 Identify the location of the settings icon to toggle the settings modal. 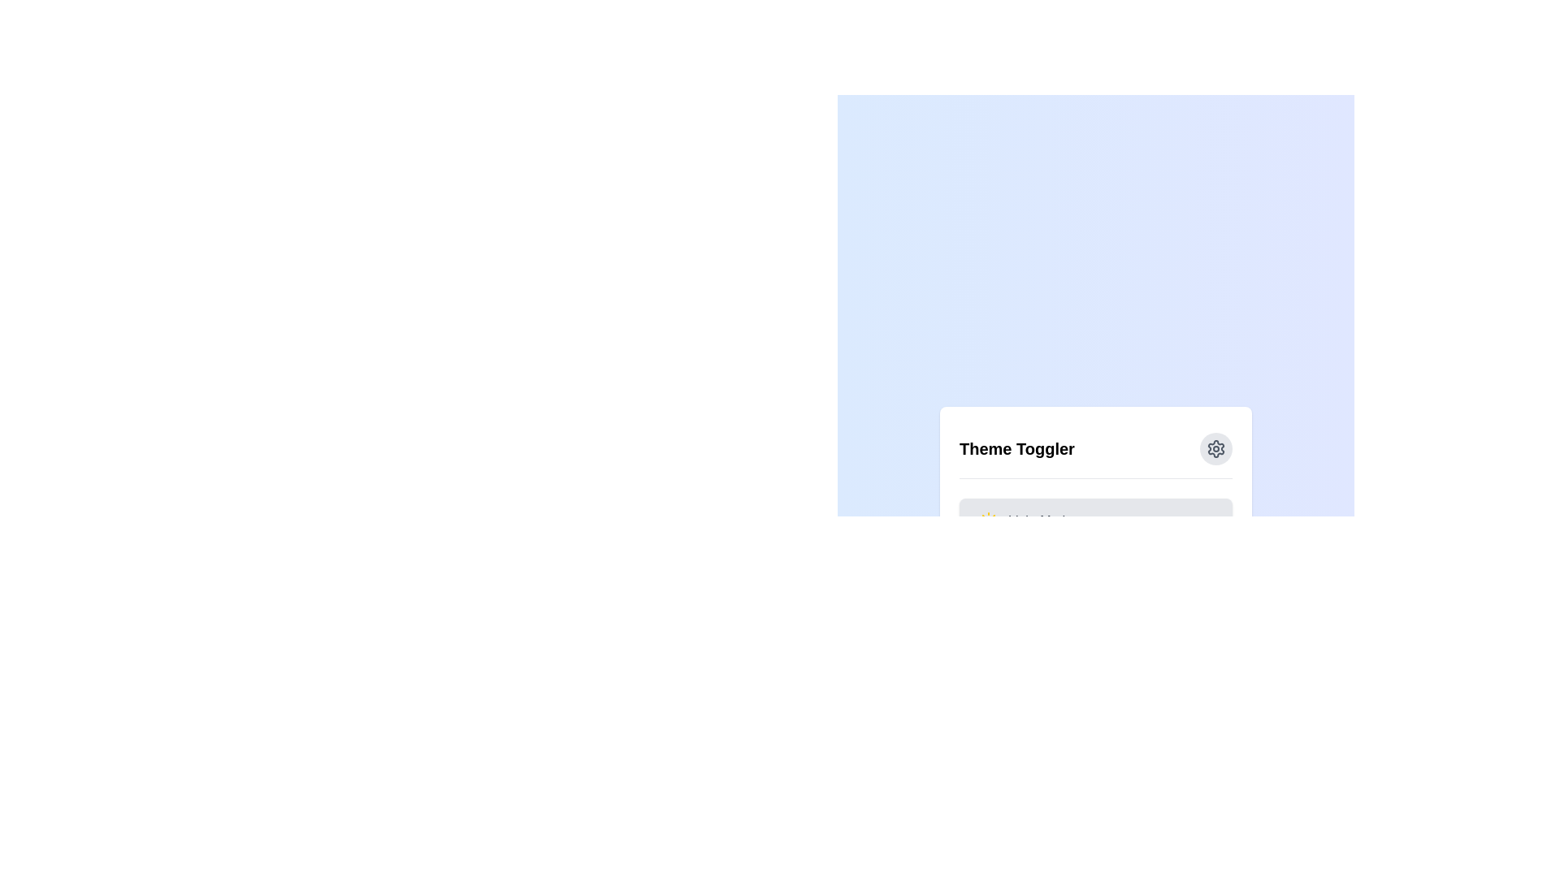
(1216, 448).